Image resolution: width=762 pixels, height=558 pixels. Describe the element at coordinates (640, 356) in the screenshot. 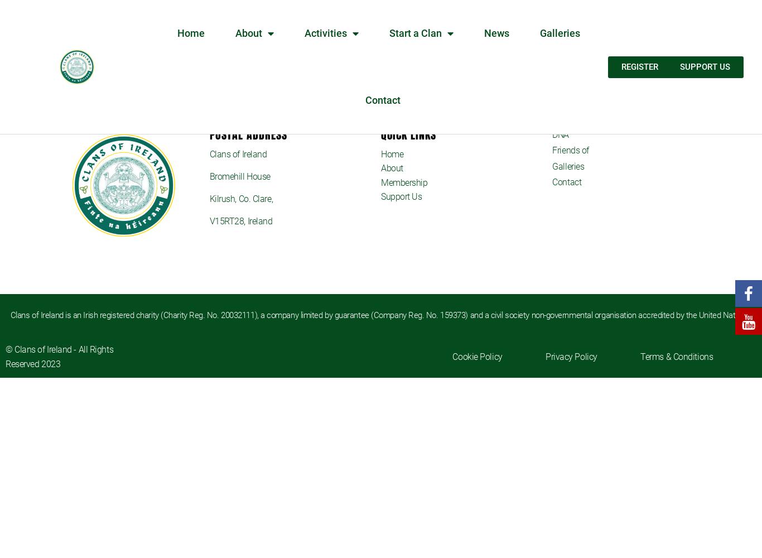

I see `'Terms & Conditions'` at that location.